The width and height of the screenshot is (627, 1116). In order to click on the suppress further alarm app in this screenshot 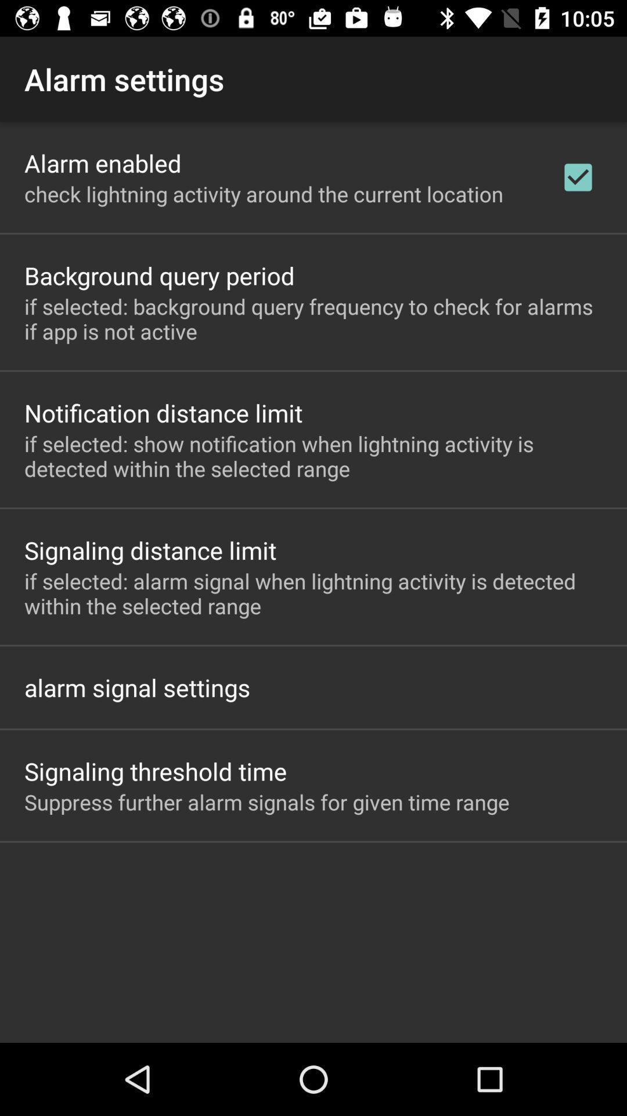, I will do `click(266, 802)`.